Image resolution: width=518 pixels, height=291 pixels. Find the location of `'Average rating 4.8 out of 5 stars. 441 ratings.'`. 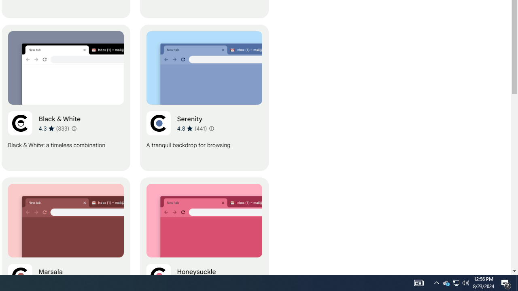

'Average rating 4.8 out of 5 stars. 441 ratings.' is located at coordinates (191, 128).